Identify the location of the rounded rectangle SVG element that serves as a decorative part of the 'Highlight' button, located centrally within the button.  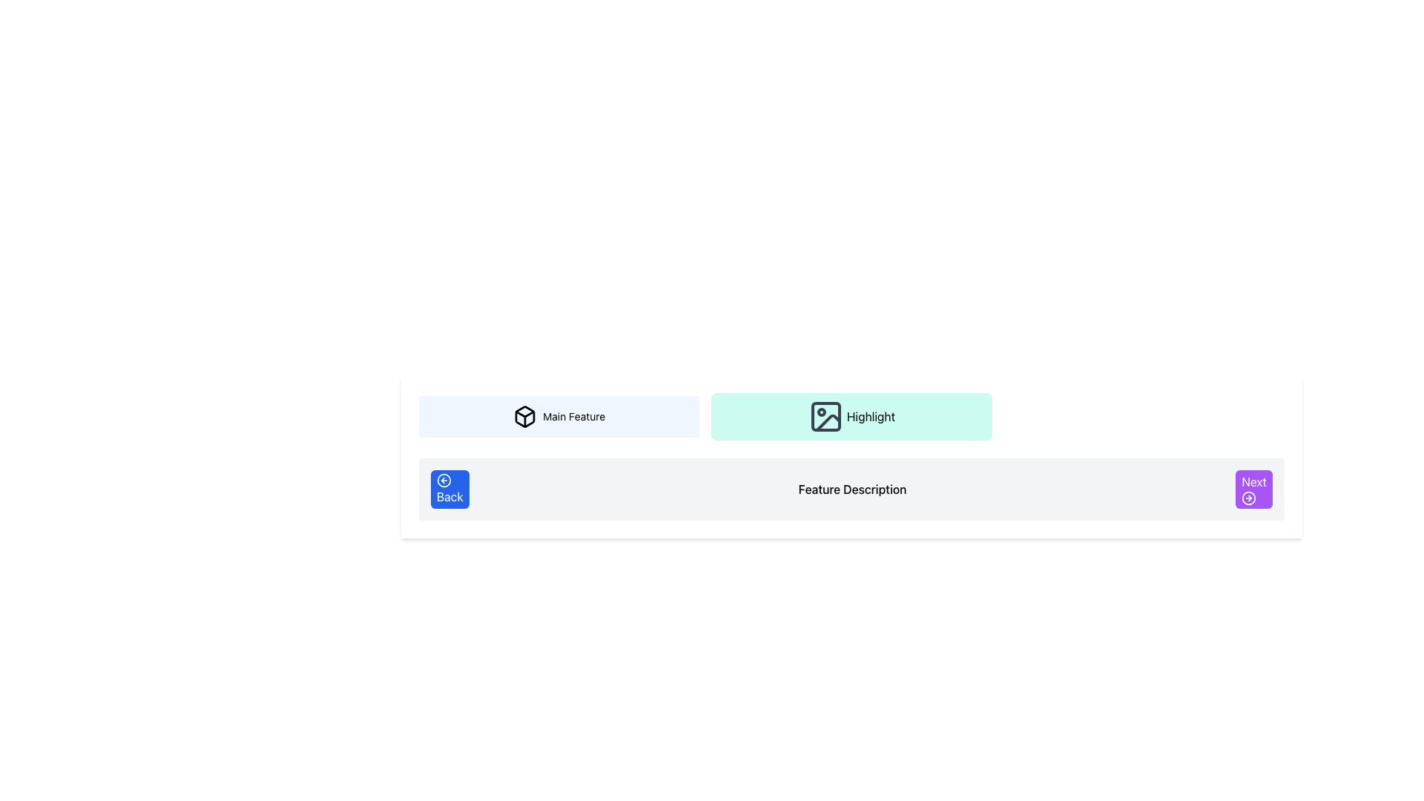
(825, 417).